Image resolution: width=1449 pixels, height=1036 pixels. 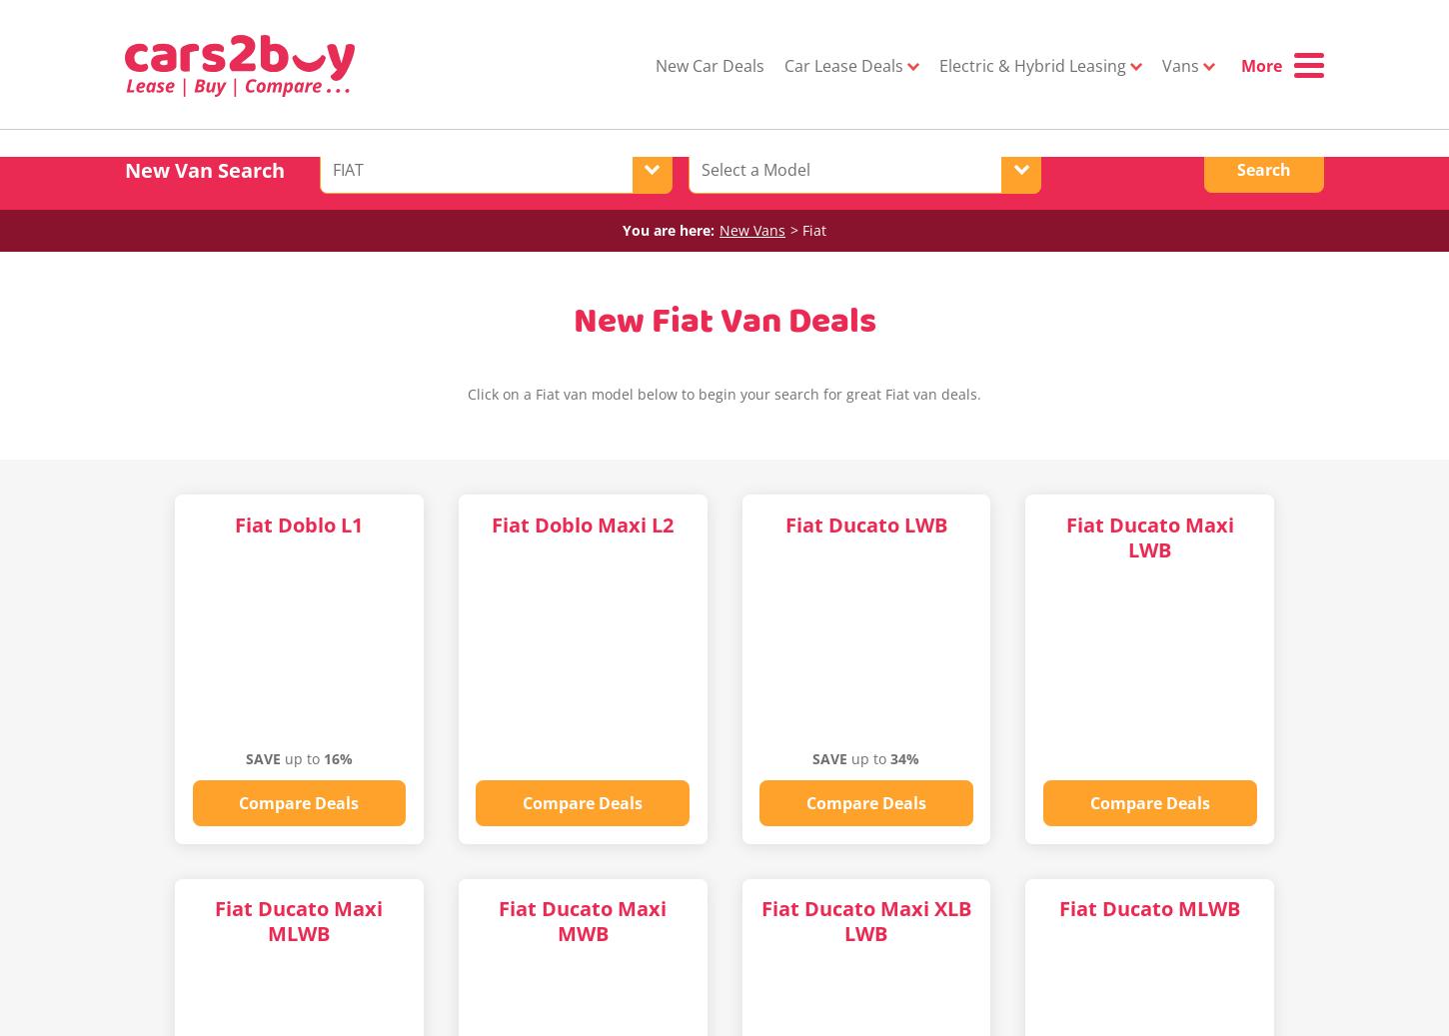 What do you see at coordinates (751, 228) in the screenshot?
I see `'New Vans'` at bounding box center [751, 228].